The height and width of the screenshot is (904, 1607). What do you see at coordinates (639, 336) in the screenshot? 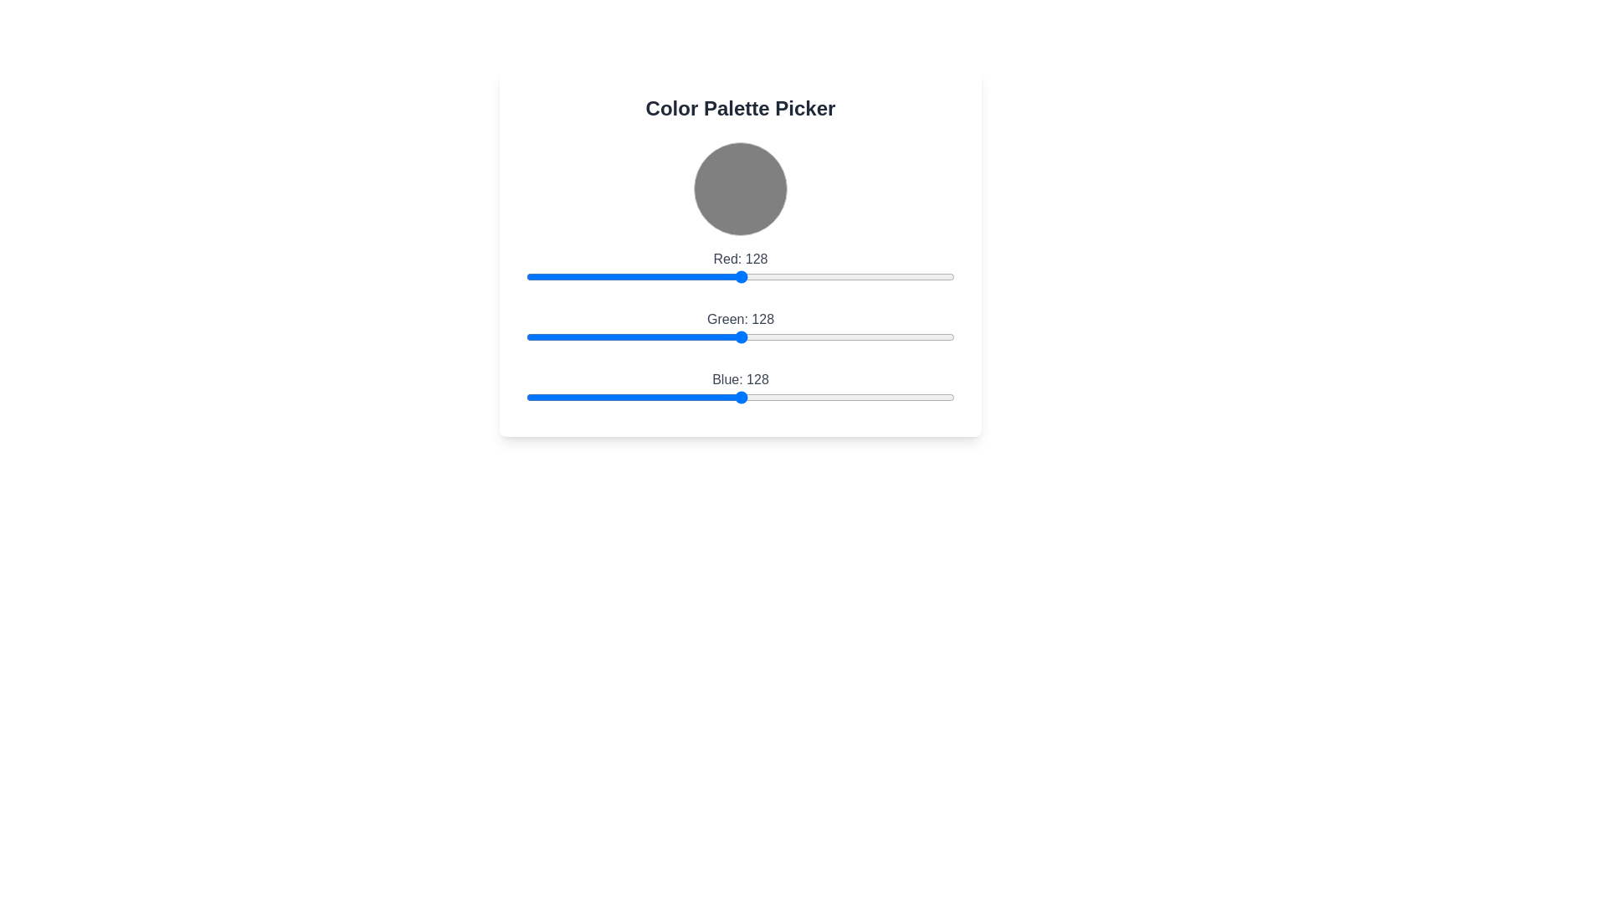
I see `the green value` at bounding box center [639, 336].